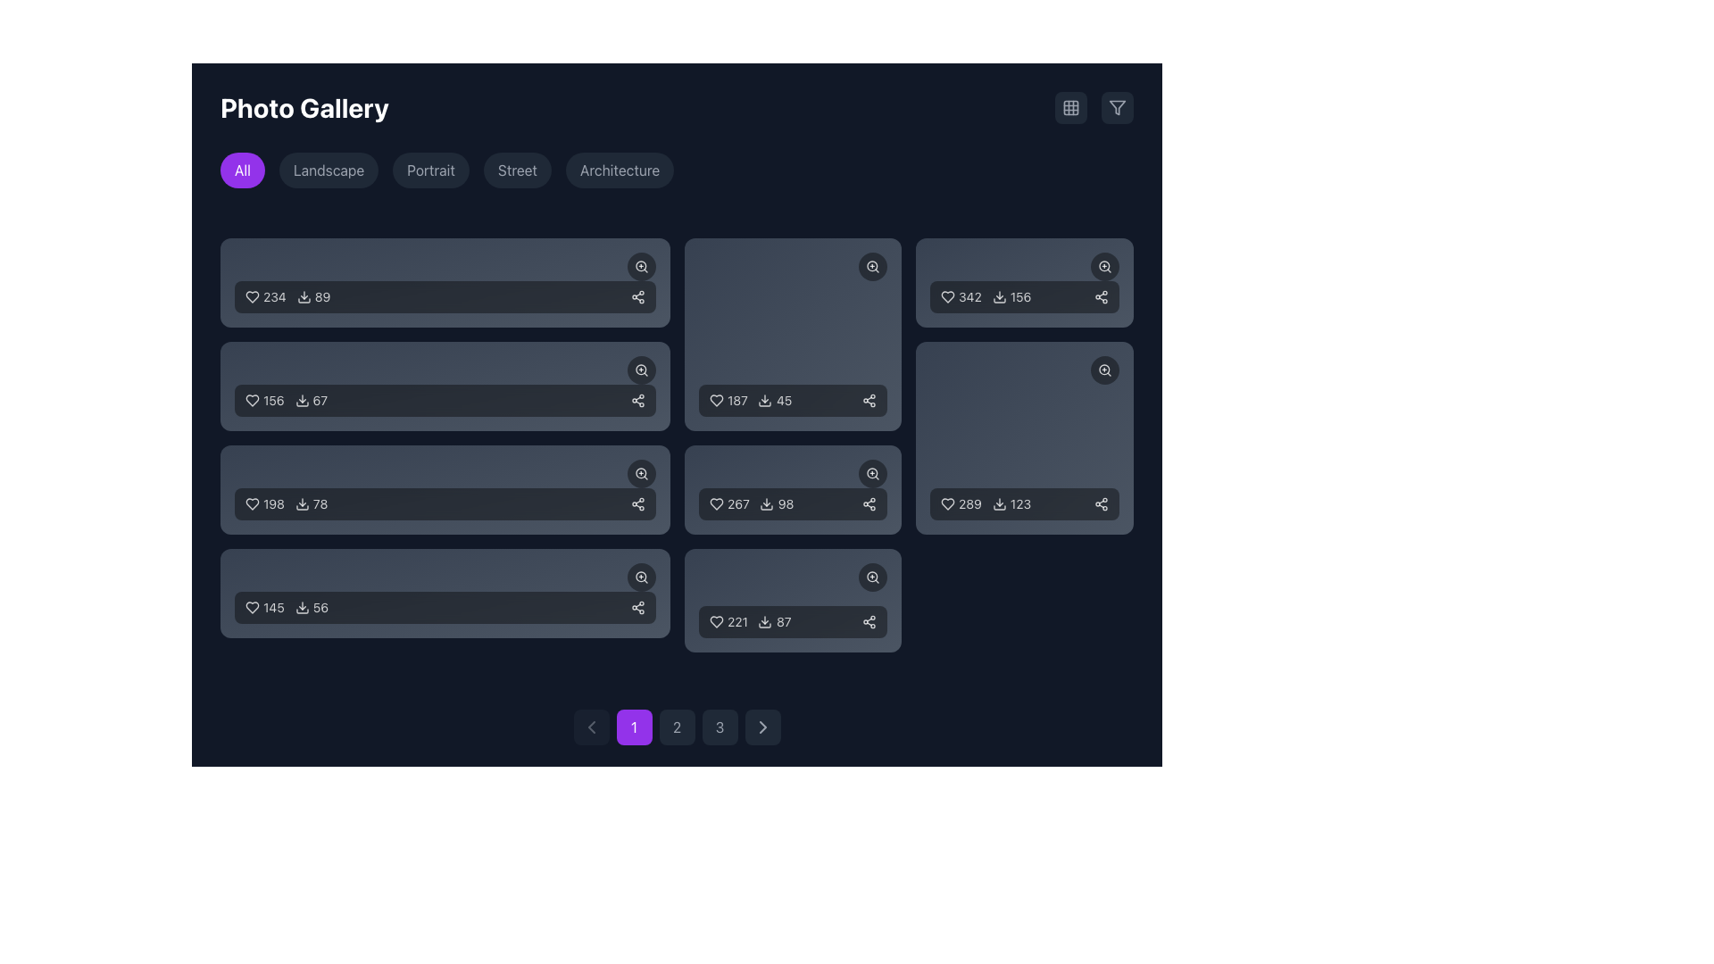 This screenshot has height=964, width=1714. Describe the element at coordinates (641, 370) in the screenshot. I see `the circular zoom button with a magnifying glass icon located at the top-right corner of the second image card in the first column for potential visual feedback` at that location.